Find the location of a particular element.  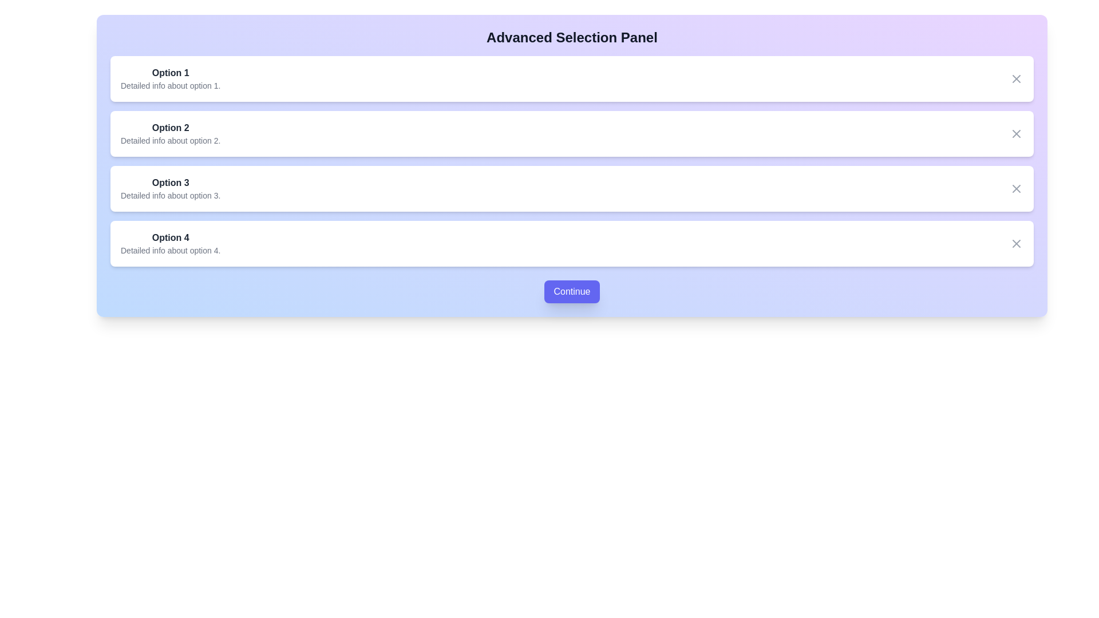

the text label providing additional information about 'Option 4', which is centrally aligned below the text 'Option 4' in the fourth option block is located at coordinates (170, 250).